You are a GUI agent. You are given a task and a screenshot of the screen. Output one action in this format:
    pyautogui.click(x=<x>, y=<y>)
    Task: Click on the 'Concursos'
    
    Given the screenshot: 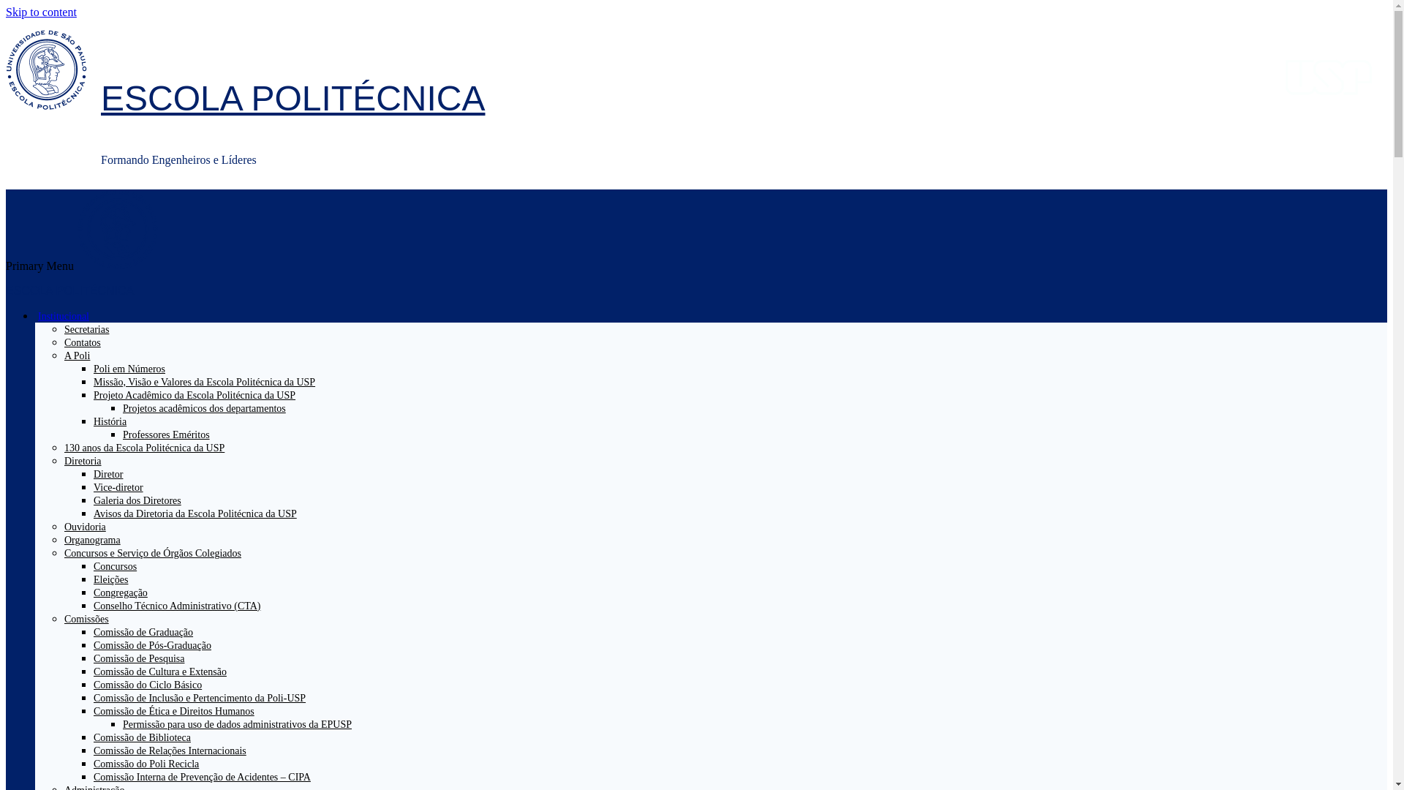 What is the action you would take?
    pyautogui.click(x=114, y=565)
    